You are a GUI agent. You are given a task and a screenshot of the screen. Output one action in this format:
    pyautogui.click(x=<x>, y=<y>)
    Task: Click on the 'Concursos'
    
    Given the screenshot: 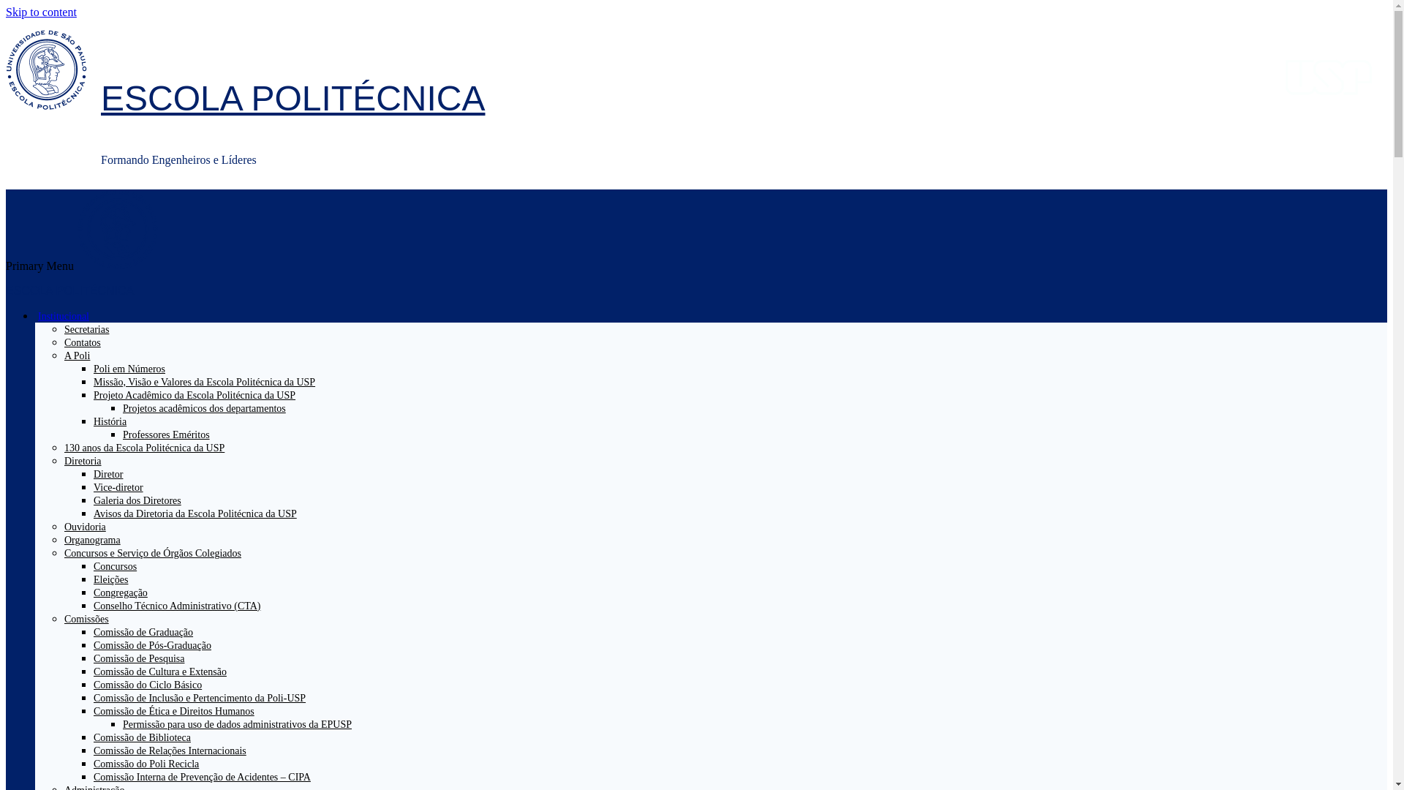 What is the action you would take?
    pyautogui.click(x=114, y=565)
    